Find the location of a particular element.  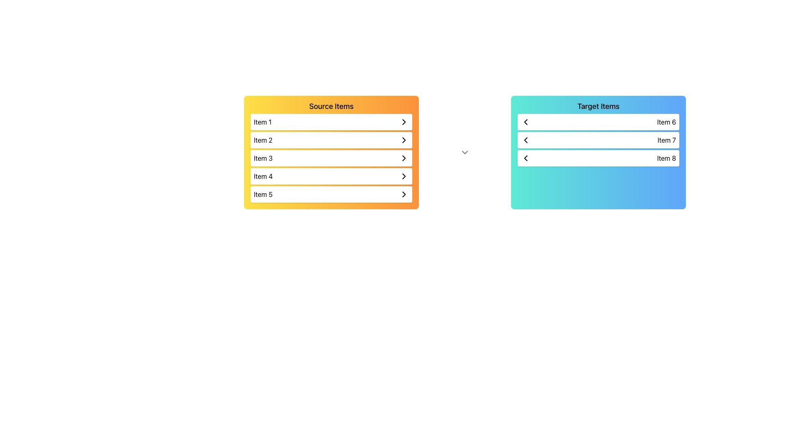

the chevron icon located between the 'Source Items' and 'Target Items' panels is located at coordinates (465, 152).